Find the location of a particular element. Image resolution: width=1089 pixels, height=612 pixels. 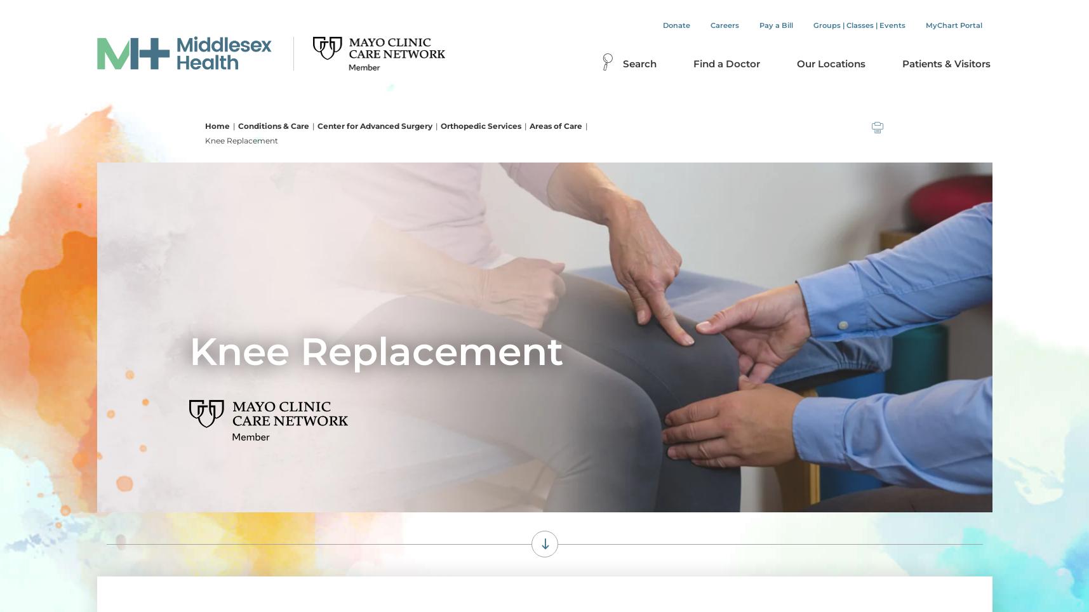

'Groups | Classes | Events' is located at coordinates (859, 25).